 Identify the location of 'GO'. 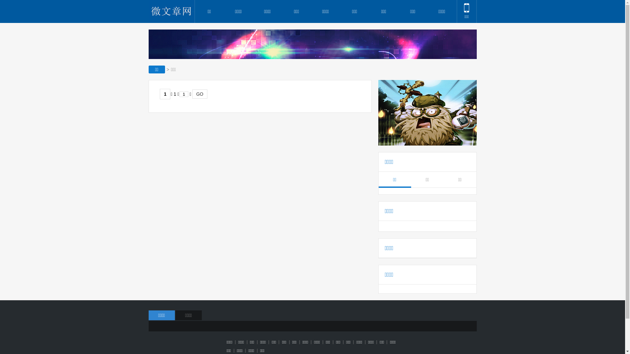
(199, 94).